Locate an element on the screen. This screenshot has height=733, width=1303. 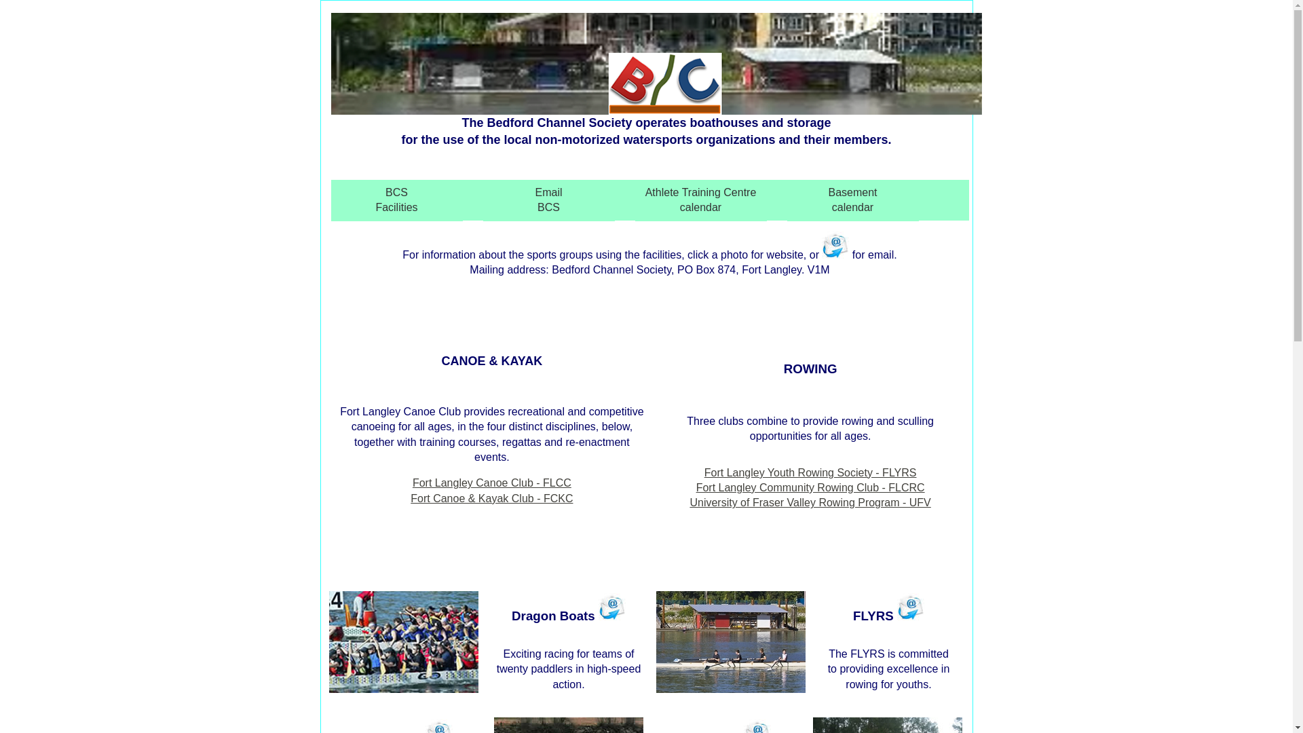
'Athlete Training Centre calendar' is located at coordinates (700, 200).